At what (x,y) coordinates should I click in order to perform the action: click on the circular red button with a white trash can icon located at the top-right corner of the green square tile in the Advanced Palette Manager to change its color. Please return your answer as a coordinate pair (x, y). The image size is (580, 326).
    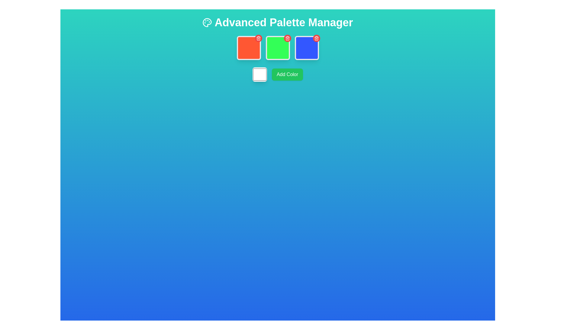
    Looking at the image, I should click on (287, 38).